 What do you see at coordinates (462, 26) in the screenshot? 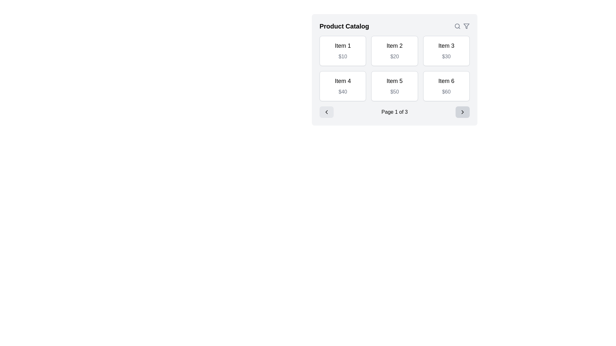
I see `the search icon (magnifying glass) located in the top-right corner of the 'Product Catalog' section to initiate a search` at bounding box center [462, 26].